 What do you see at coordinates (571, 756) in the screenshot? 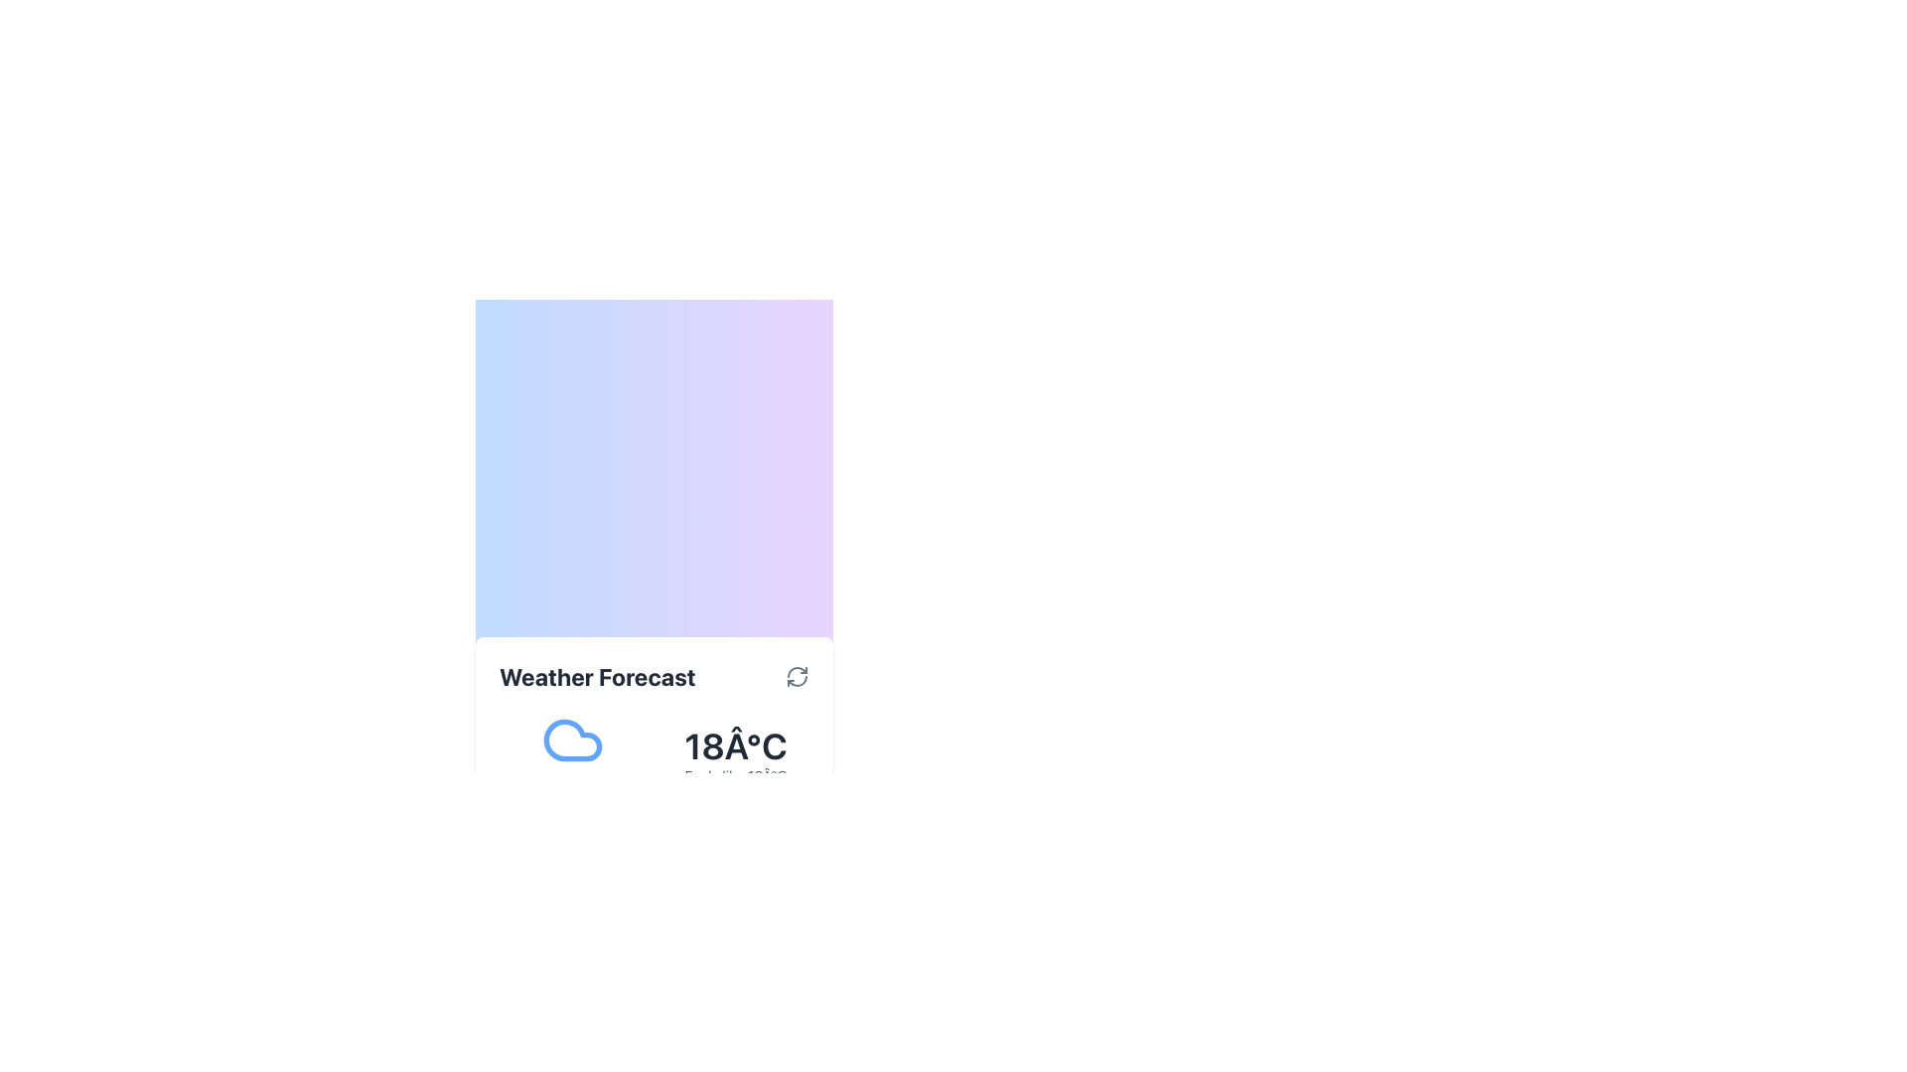
I see `the cloudy weather icon located to the left of the temperature information ('18Â°C')` at bounding box center [571, 756].